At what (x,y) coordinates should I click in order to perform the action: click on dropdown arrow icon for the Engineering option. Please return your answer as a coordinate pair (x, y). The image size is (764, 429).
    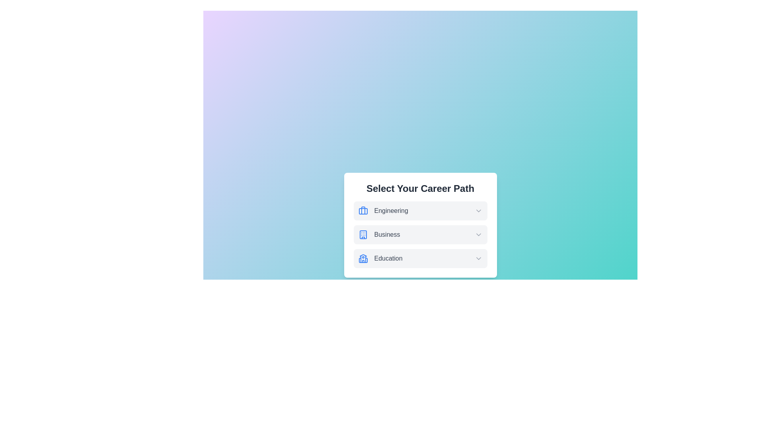
    Looking at the image, I should click on (478, 211).